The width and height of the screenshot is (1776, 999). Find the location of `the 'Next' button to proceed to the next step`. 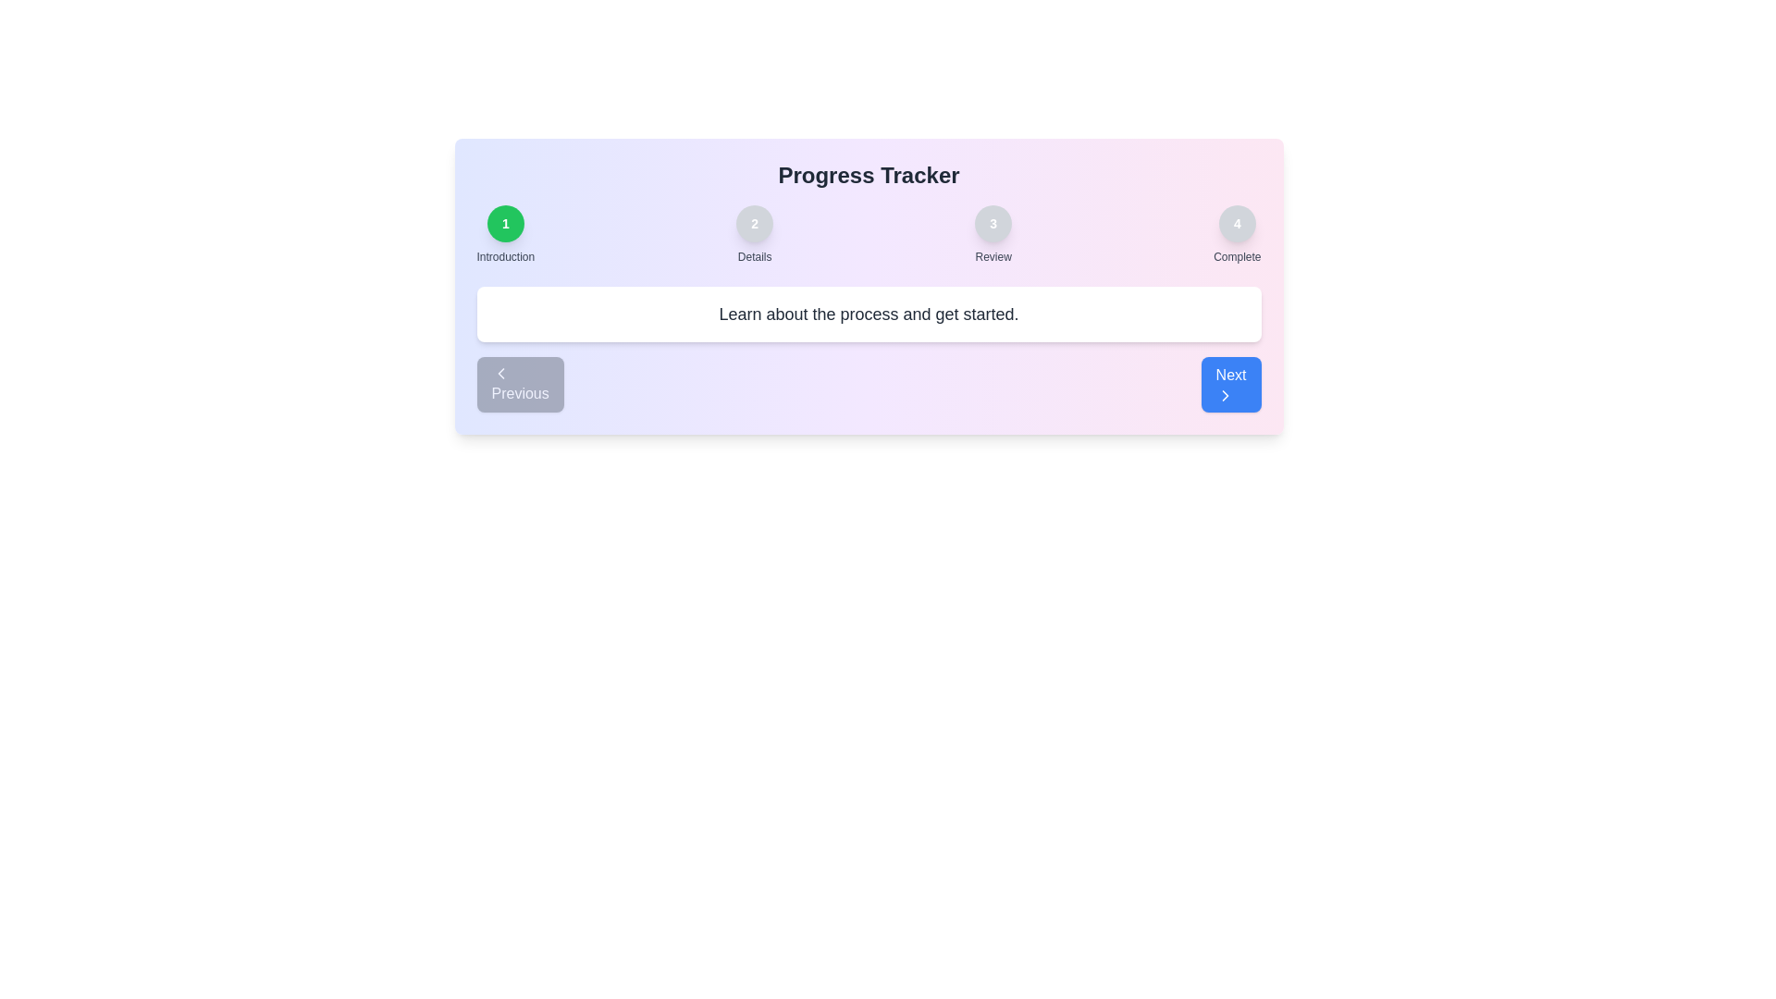

the 'Next' button to proceed to the next step is located at coordinates (1230, 384).